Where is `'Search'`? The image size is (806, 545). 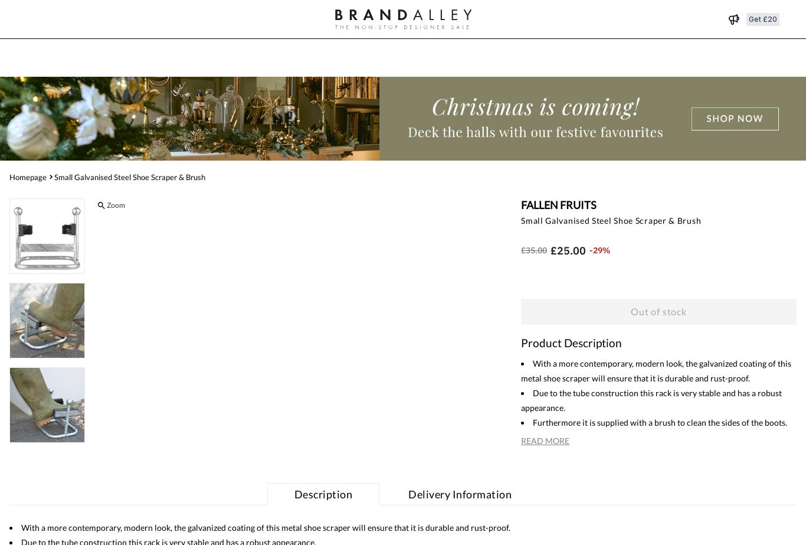 'Search' is located at coordinates (618, 57).